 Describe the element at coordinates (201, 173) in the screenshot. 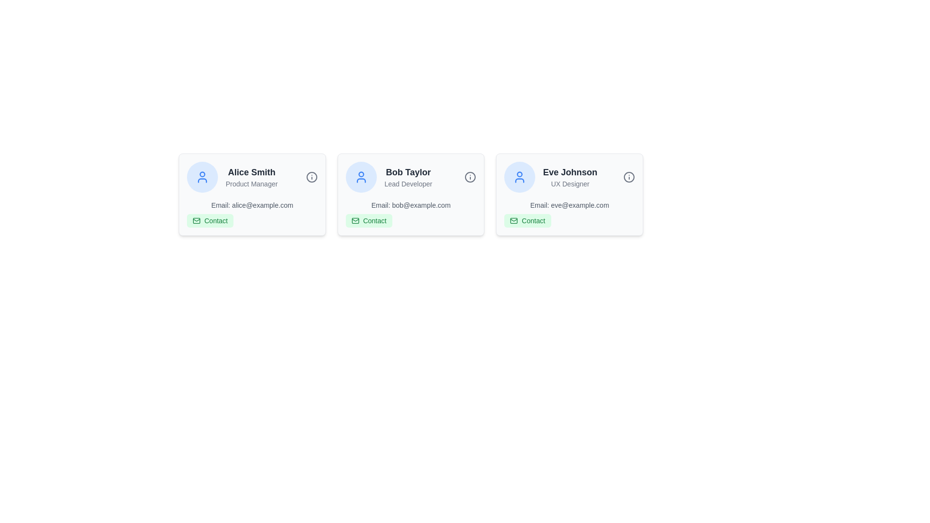

I see `the decorative circular component of the profile icon for 'Alice Smith', the Product Manager, located above the semi-circular shape` at that location.